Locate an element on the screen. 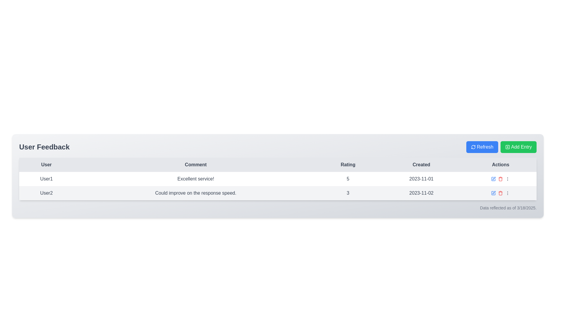 The height and width of the screenshot is (319, 567). the icon-based button resembling a pen located in the second row of the 'Actions' column for the entry dated '2023-11-02' is located at coordinates (494, 178).